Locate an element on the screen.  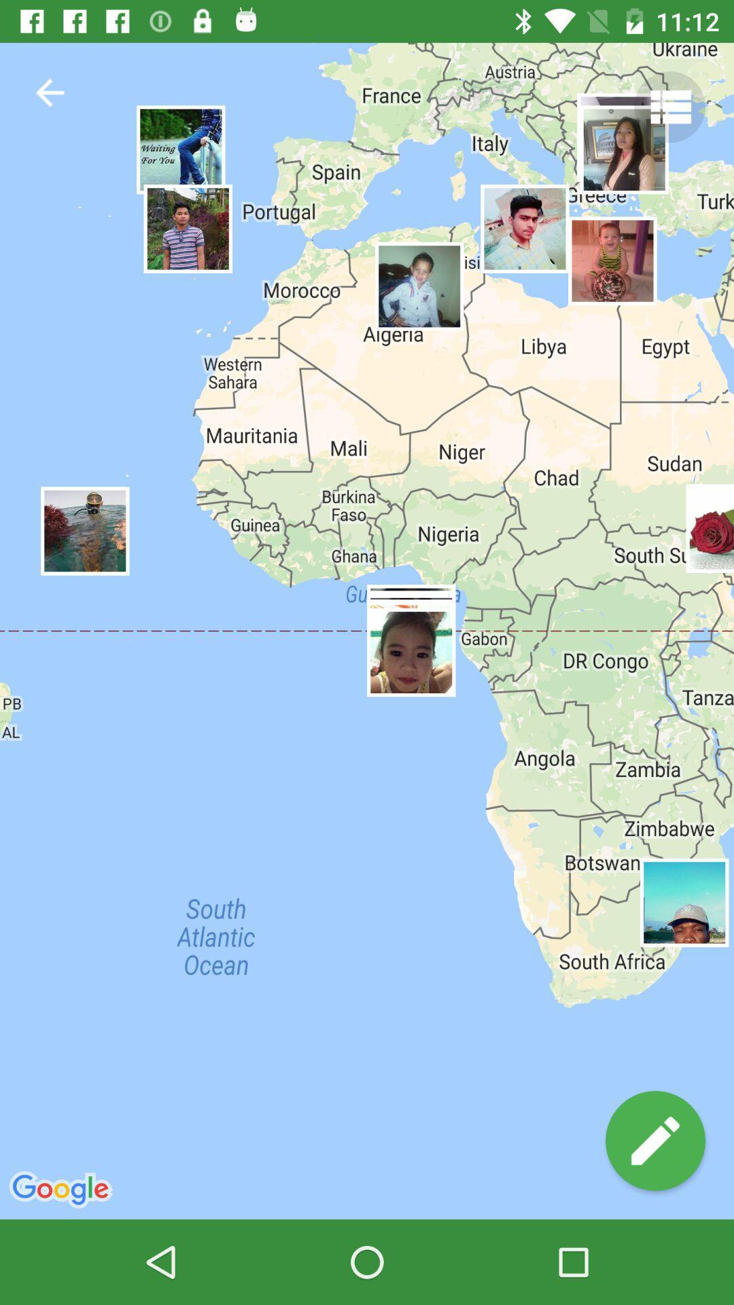
application menu is located at coordinates (669, 106).